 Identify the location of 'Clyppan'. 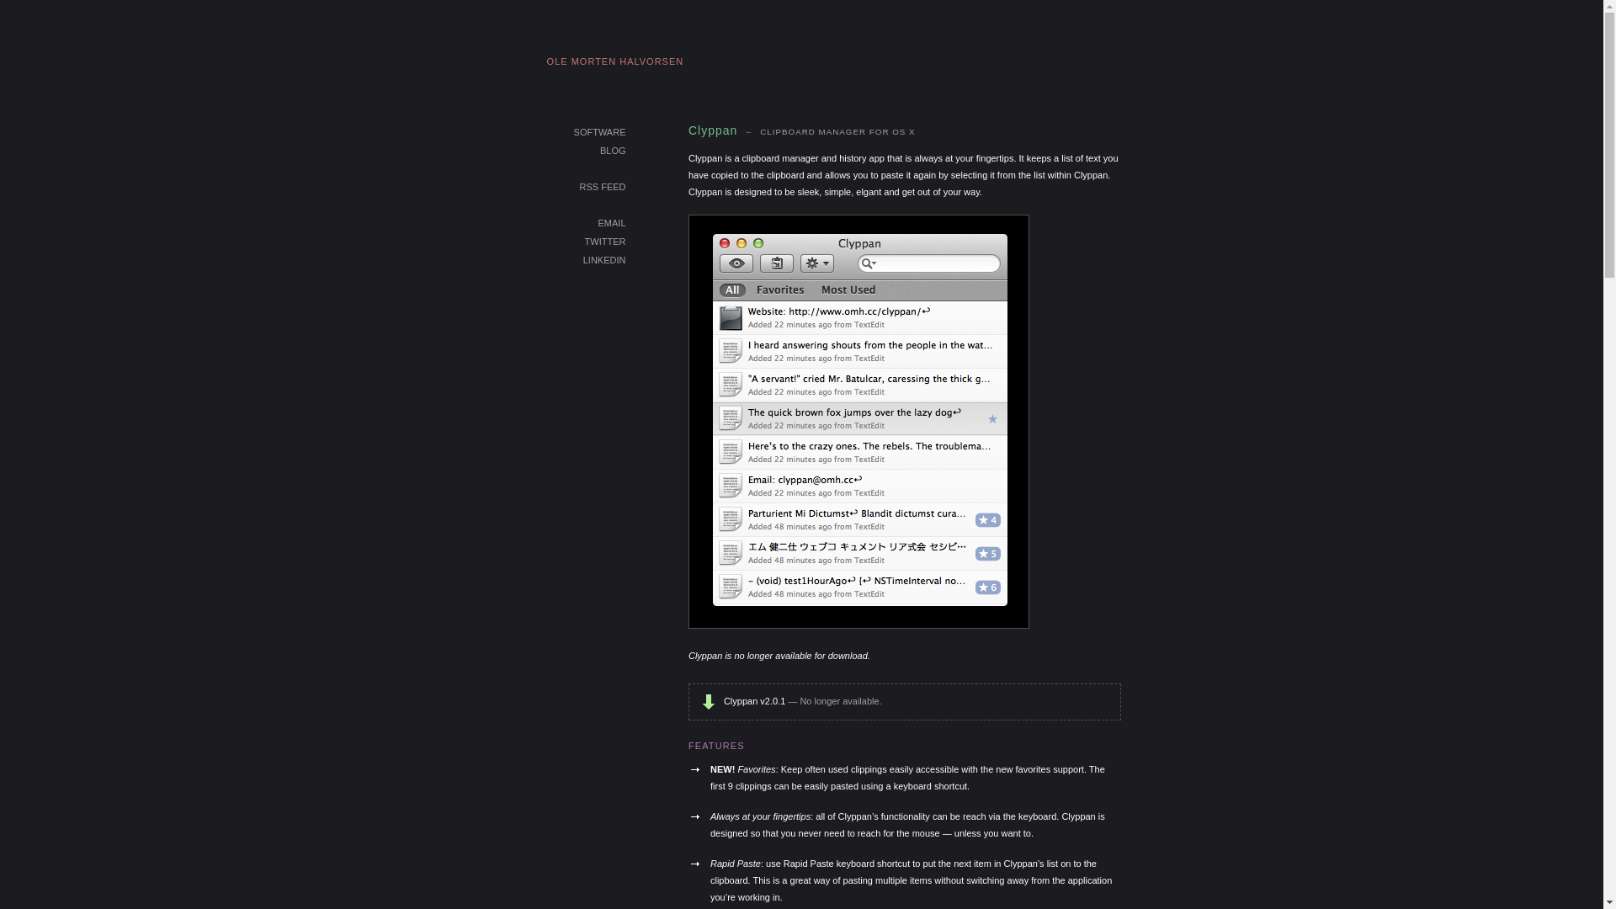
(688, 130).